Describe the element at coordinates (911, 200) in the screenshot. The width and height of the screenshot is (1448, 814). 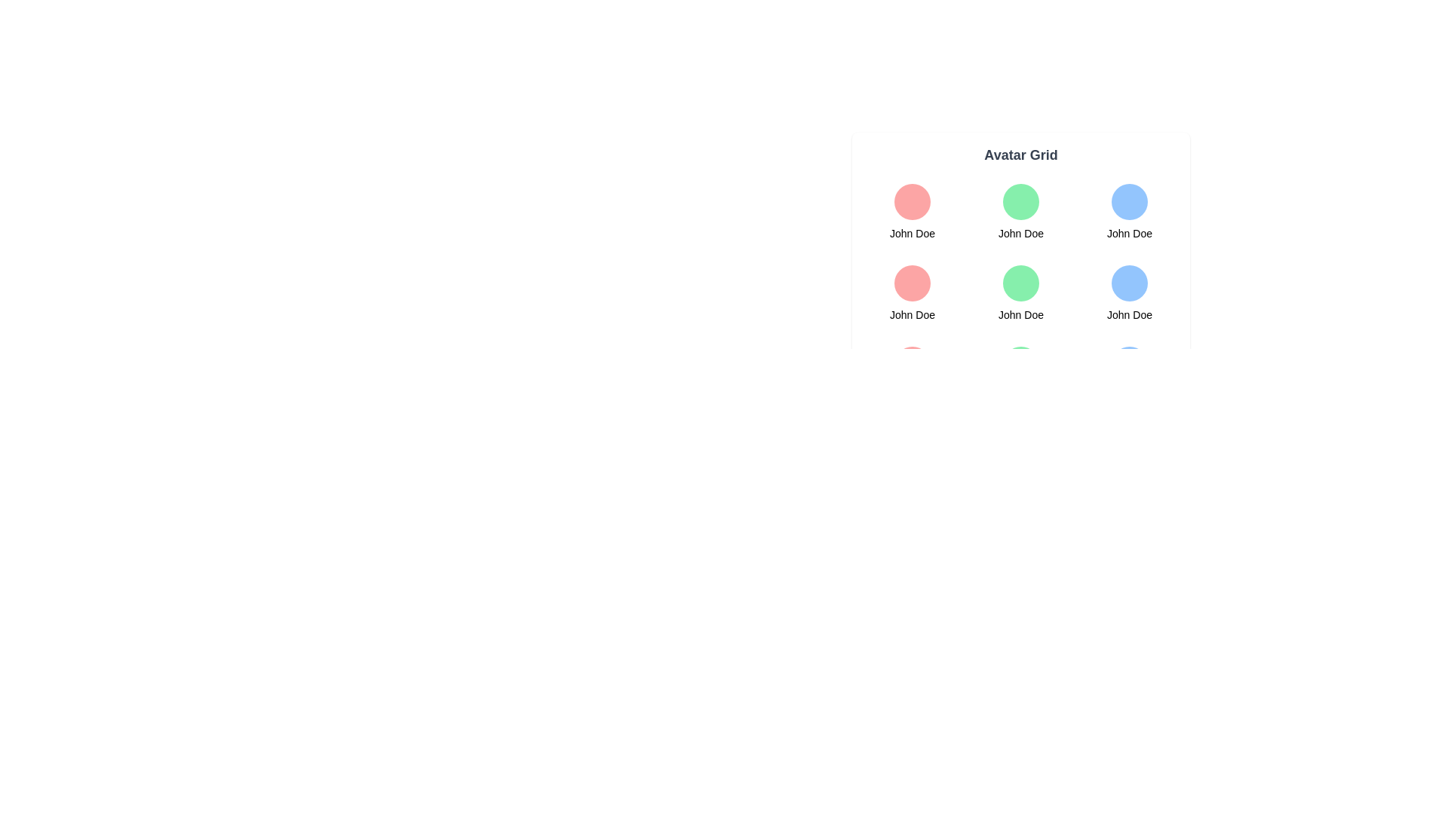
I see `the user avatar representing 'John Doe' located at the top-left corner of the interface` at that location.